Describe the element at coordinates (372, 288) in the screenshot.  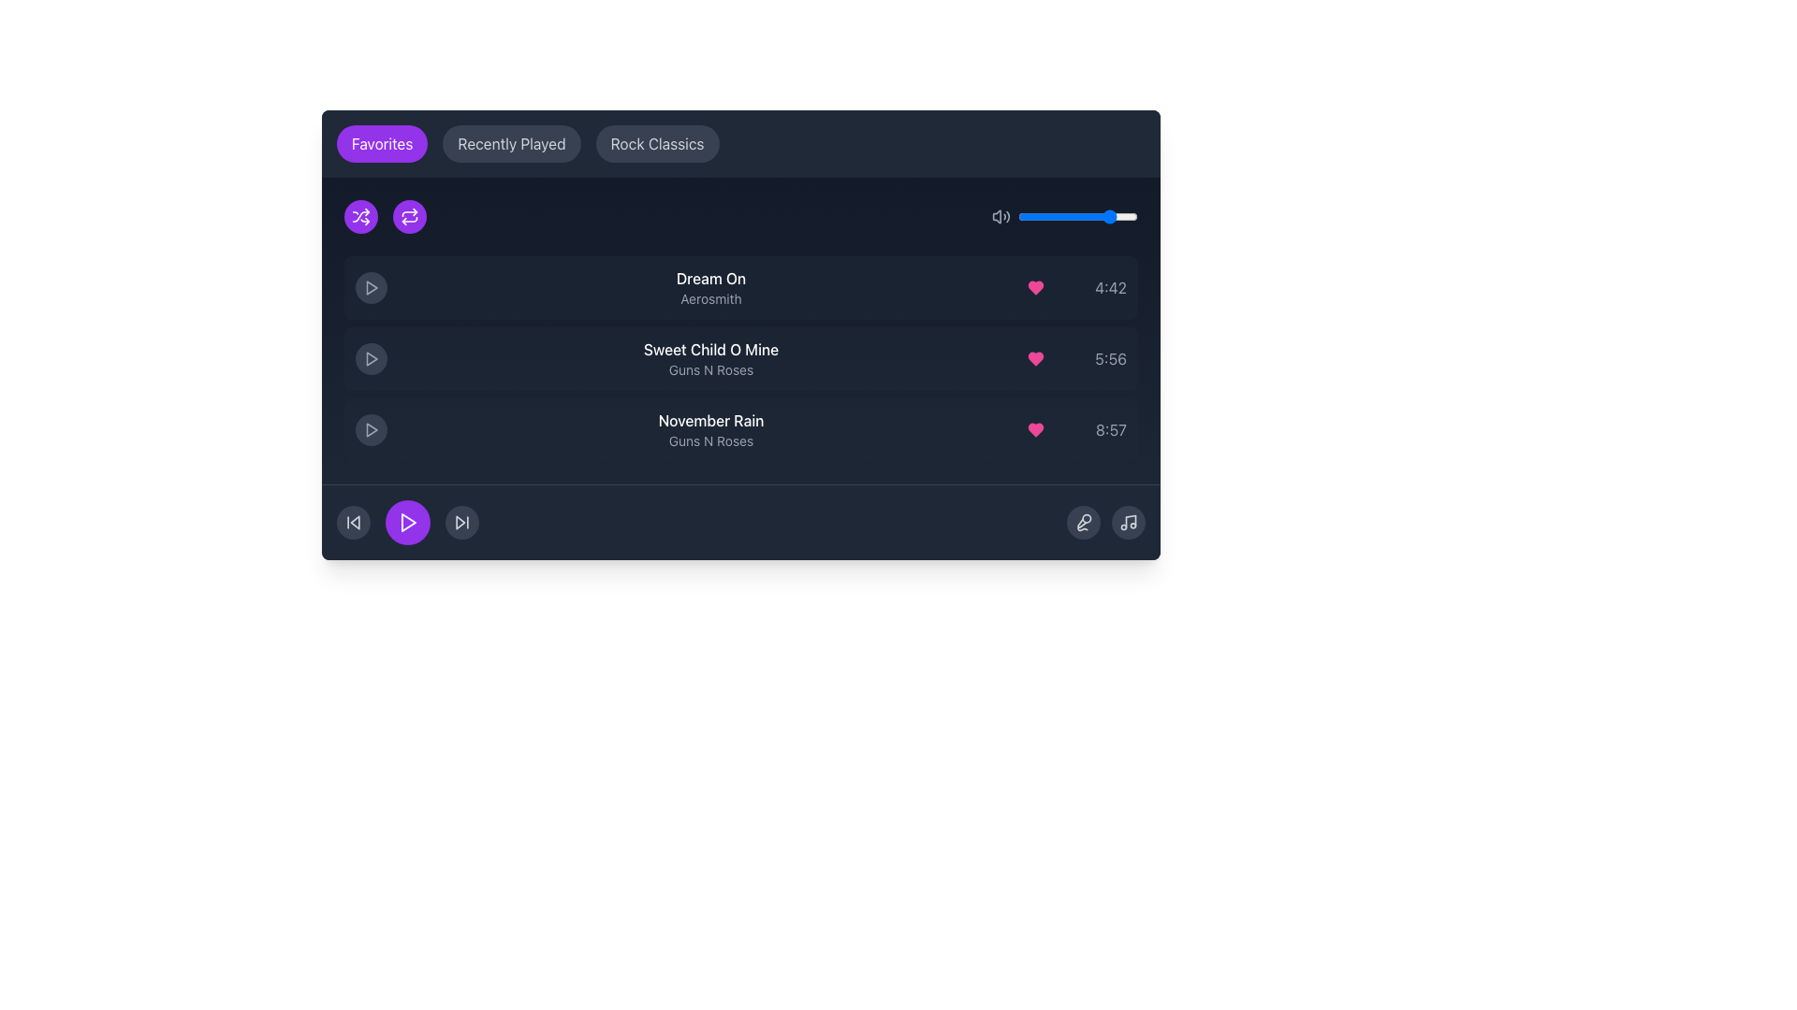
I see `the currently playing track icon aligned with the track title 'Dream On by Aerosmith' in the second row of the content section` at that location.